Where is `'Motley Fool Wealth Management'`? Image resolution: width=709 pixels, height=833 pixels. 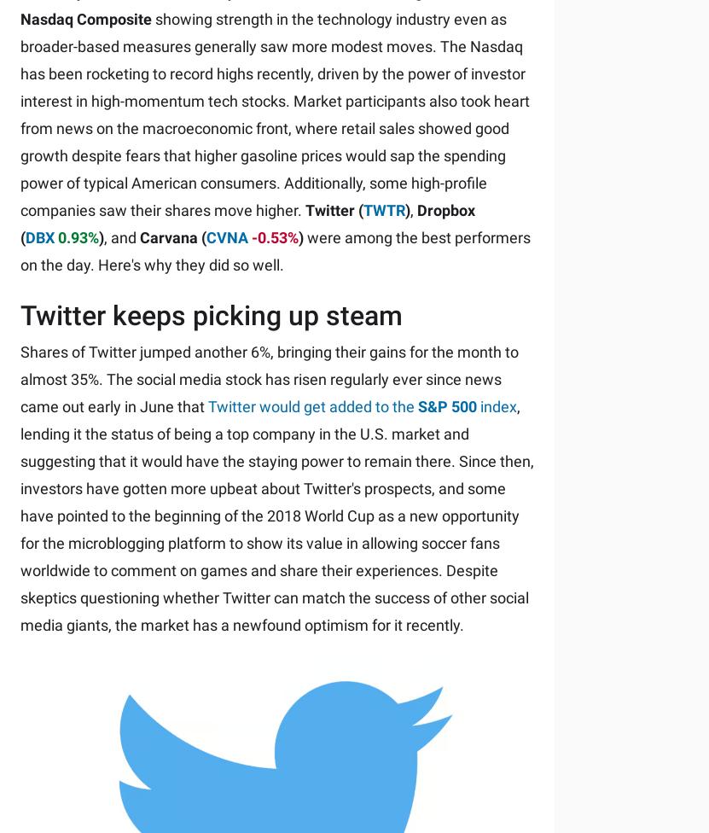 'Motley Fool Wealth Management' is located at coordinates (180, 596).